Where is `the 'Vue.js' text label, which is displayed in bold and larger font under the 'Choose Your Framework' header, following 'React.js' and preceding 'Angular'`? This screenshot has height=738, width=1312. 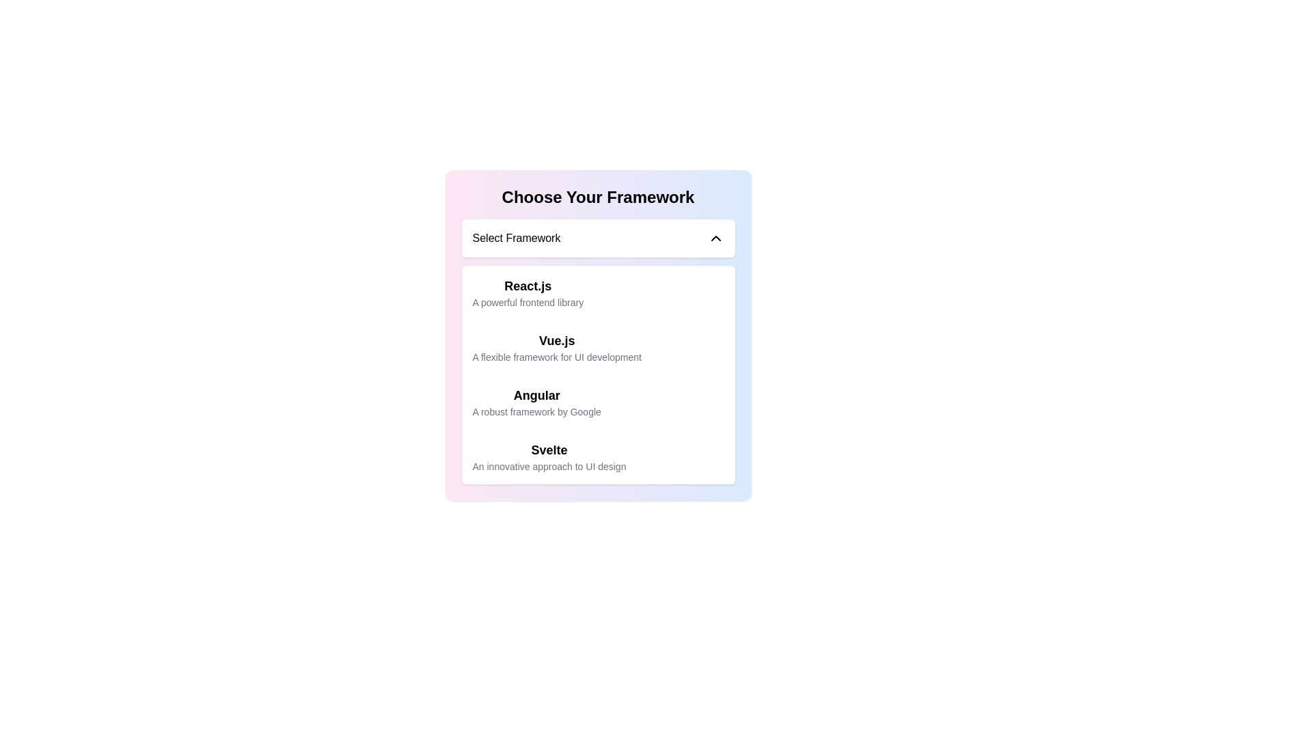
the 'Vue.js' text label, which is displayed in bold and larger font under the 'Choose Your Framework' header, following 'React.js' and preceding 'Angular' is located at coordinates (557, 340).